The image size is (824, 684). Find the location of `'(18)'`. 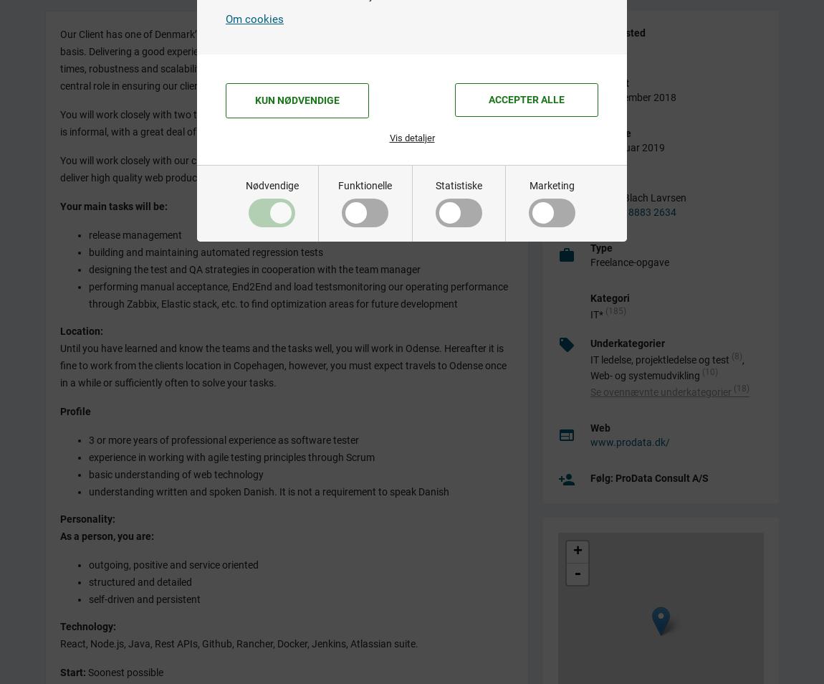

'(18)' is located at coordinates (742, 387).